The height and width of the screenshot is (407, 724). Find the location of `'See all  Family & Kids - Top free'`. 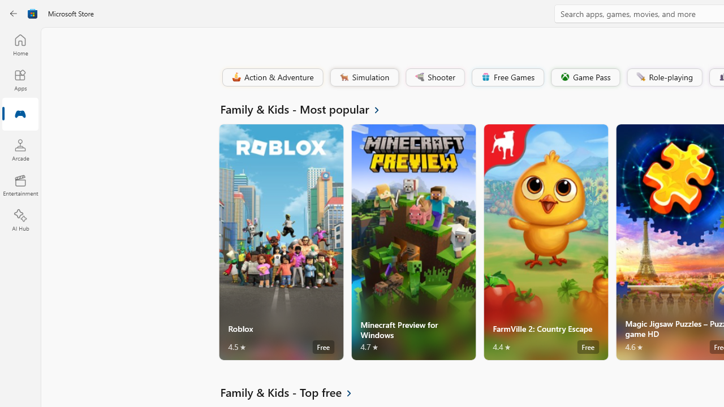

'See all  Family & Kids - Top free' is located at coordinates (292, 392).